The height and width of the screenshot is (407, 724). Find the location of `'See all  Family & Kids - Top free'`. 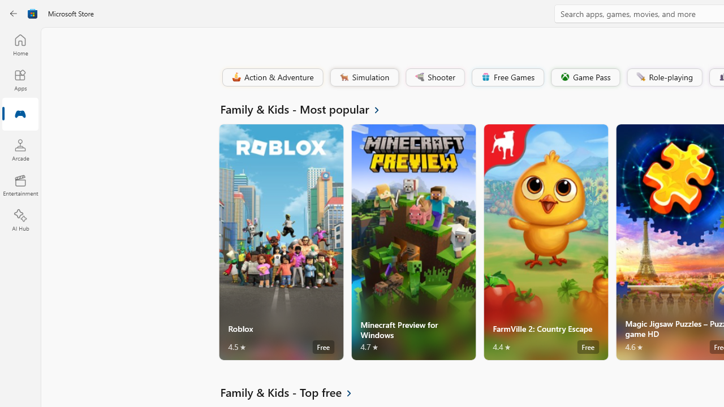

'See all  Family & Kids - Top free' is located at coordinates (292, 392).